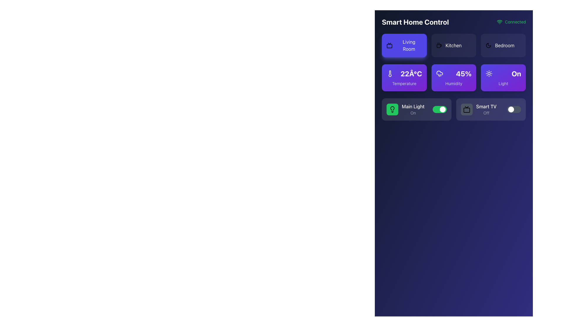 The width and height of the screenshot is (564, 317). I want to click on the humidity icon located in the top right quadrant of the interface, next to the '45%' text, which serves as a visual indicator for the humidity metric, so click(439, 72).